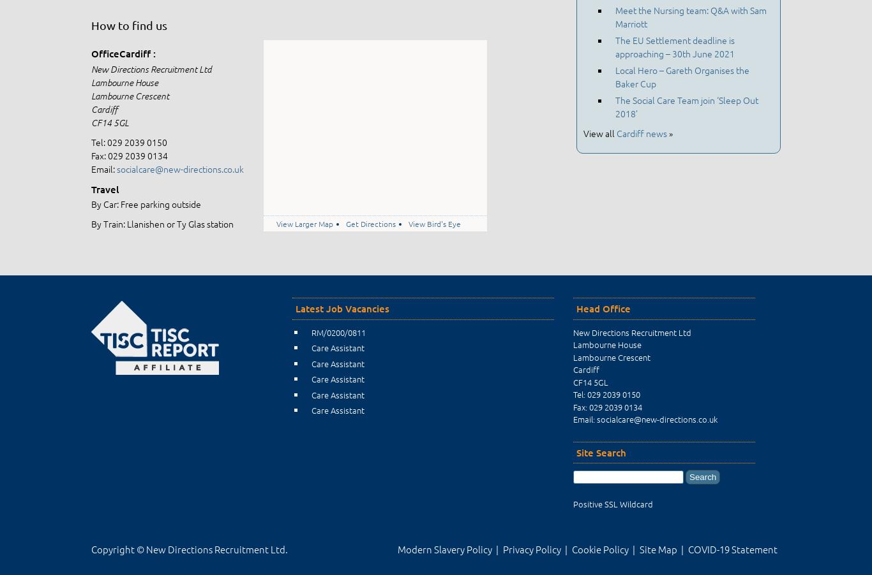  What do you see at coordinates (682, 76) in the screenshot?
I see `'Local Hero – Gareth Organises the Baker Cup'` at bounding box center [682, 76].